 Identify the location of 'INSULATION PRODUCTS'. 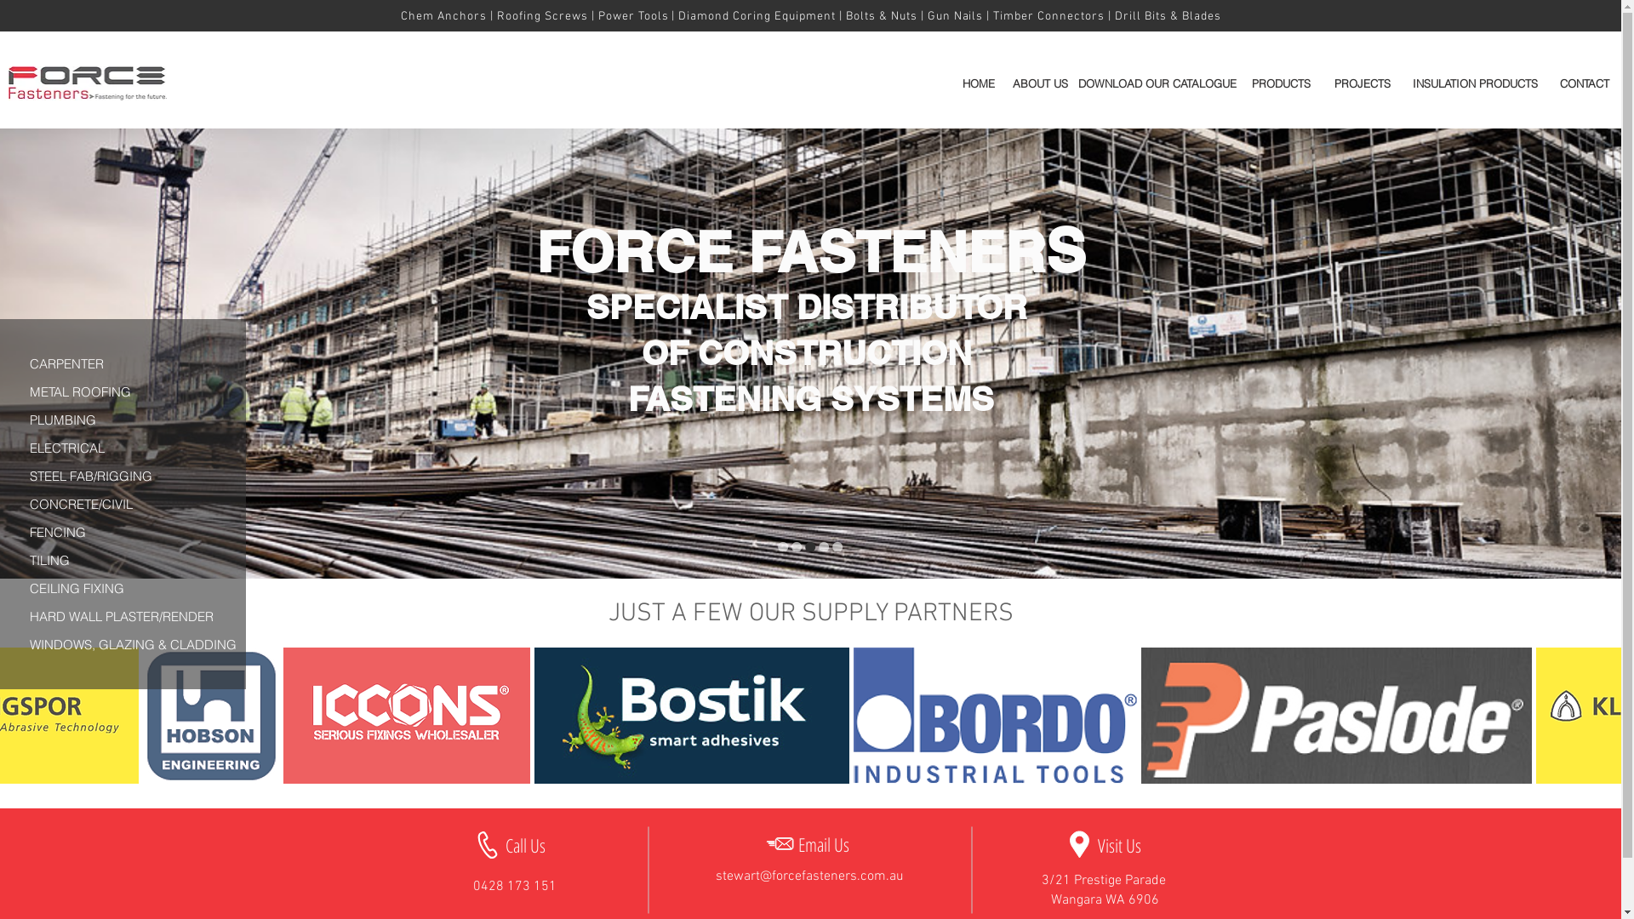
(1403, 83).